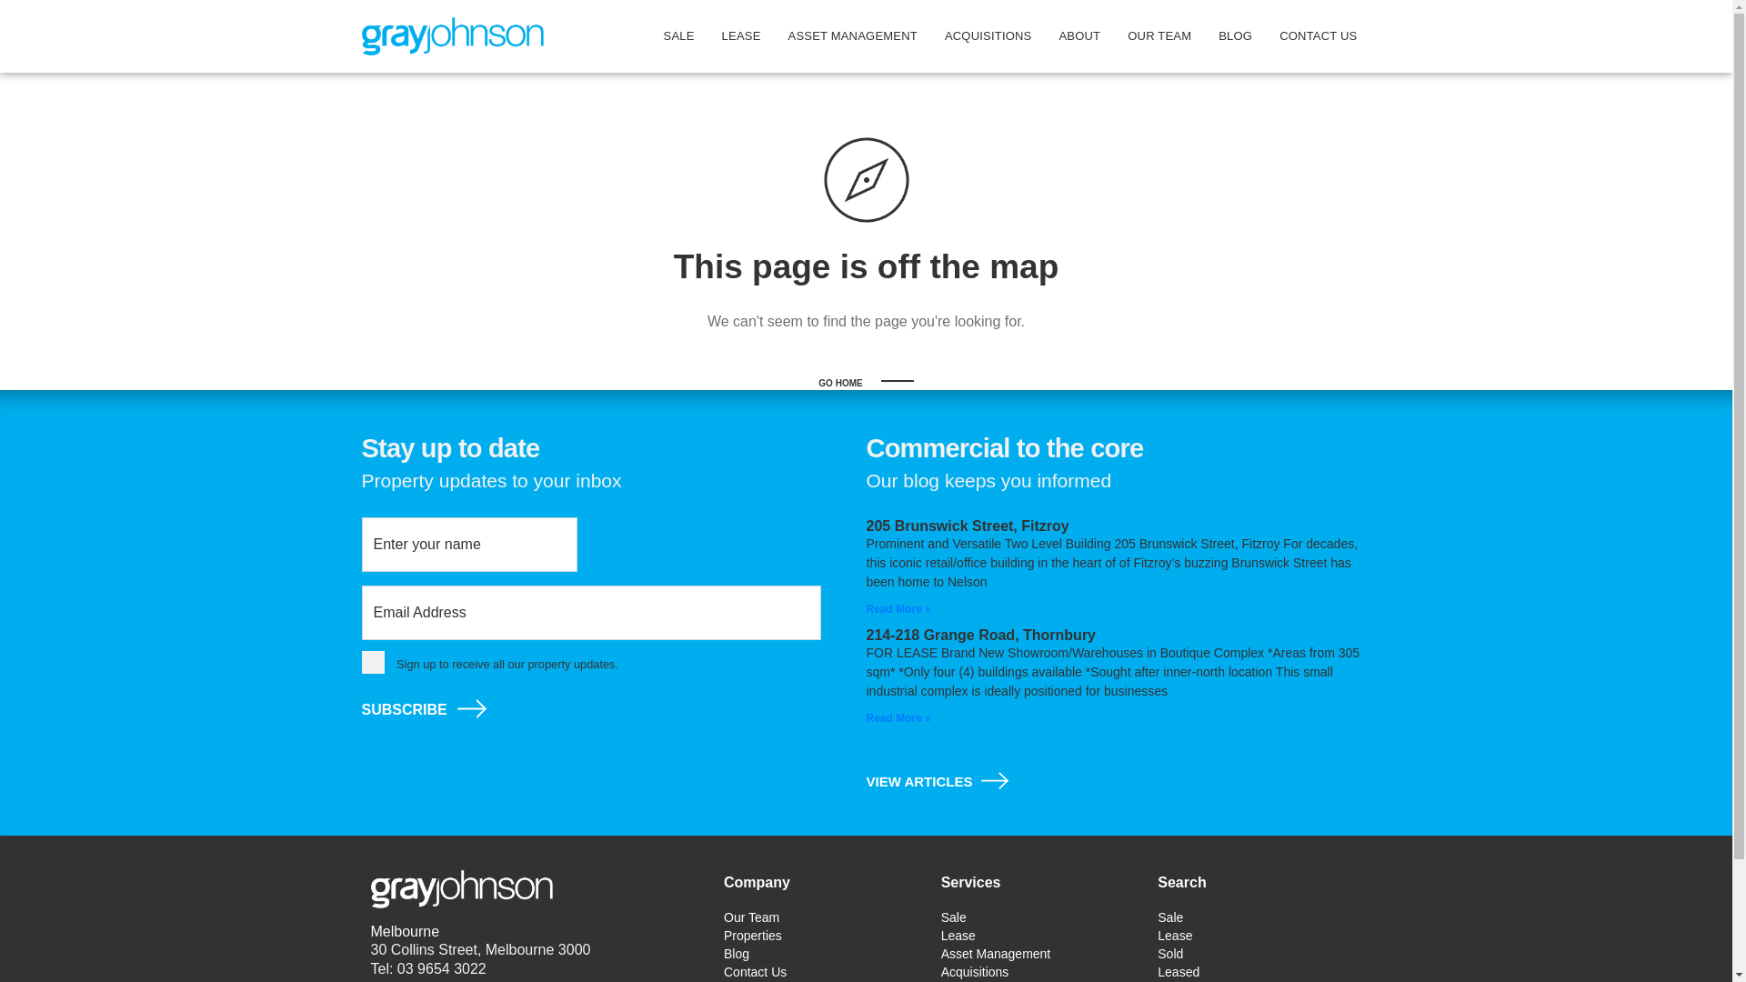 Image resolution: width=1746 pixels, height=982 pixels. I want to click on 'Contact Us', so click(822, 970).